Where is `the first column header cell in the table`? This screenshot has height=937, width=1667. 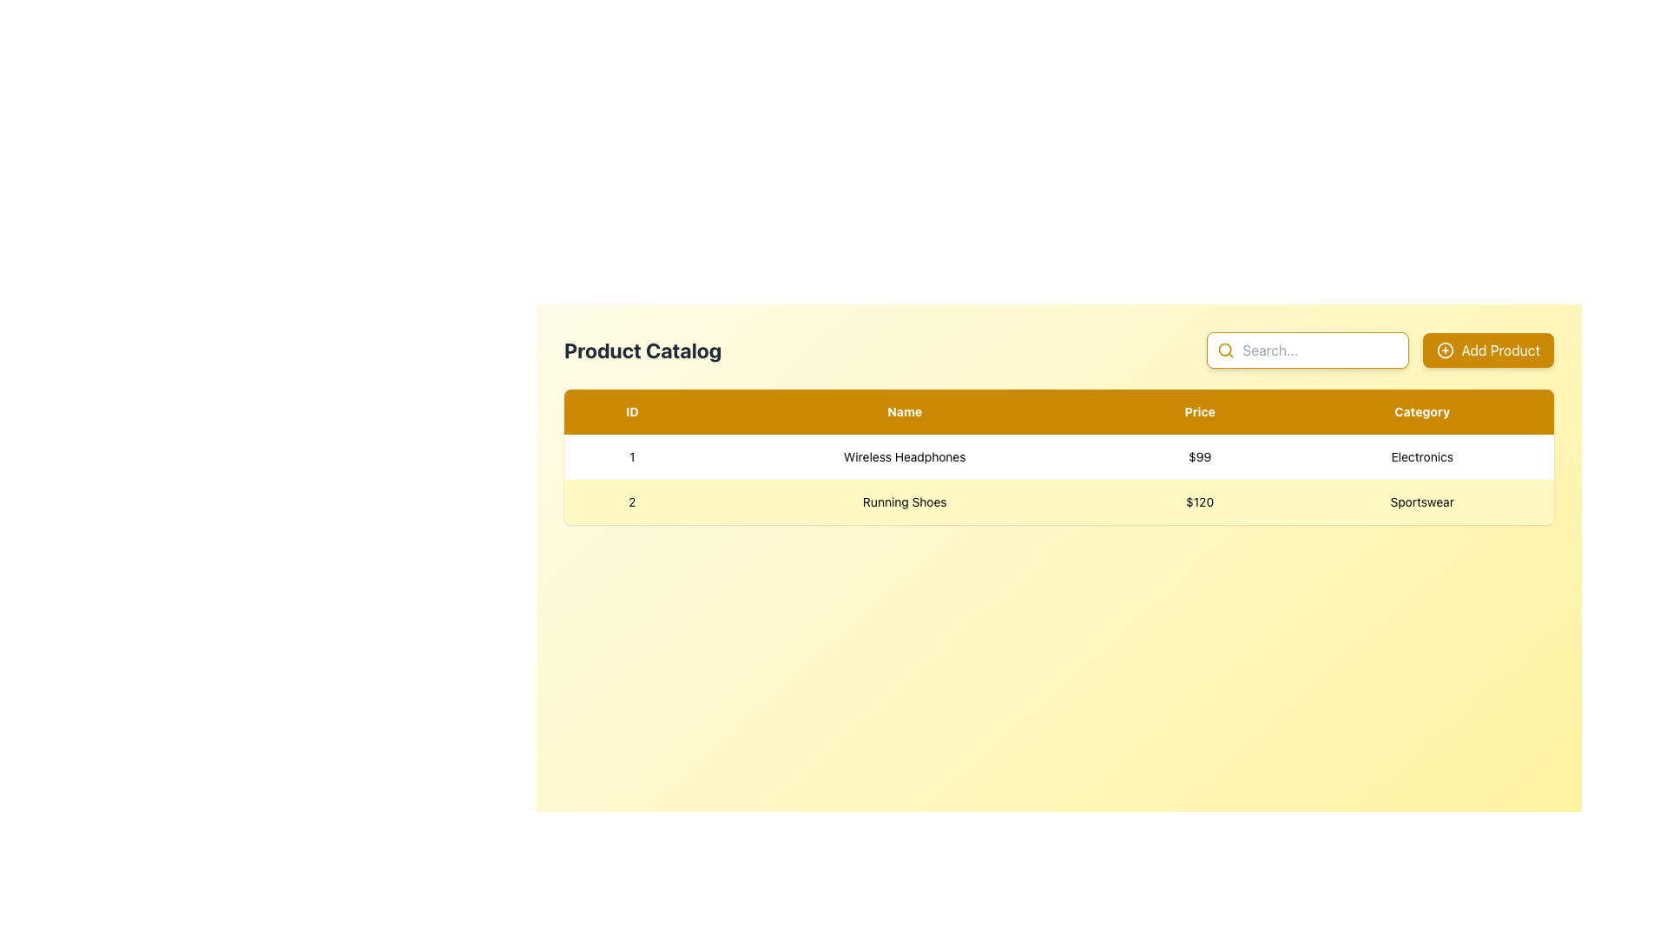
the first column header cell in the table is located at coordinates (631, 411).